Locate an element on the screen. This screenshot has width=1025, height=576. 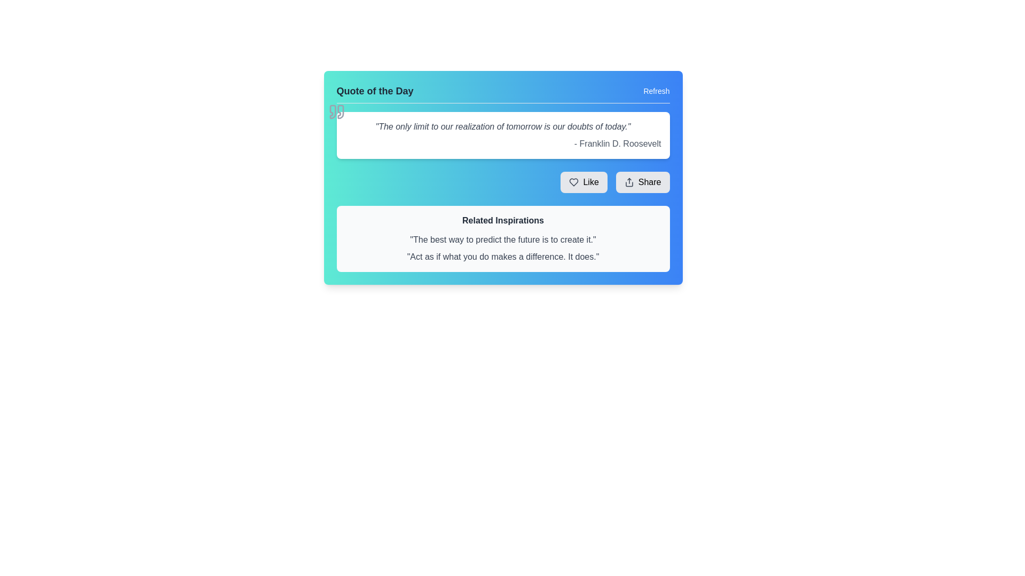
quotes displayed in the 'Related Inspirations' informative display box located near the bottom of the card, below the 'Like' and 'Share' buttons is located at coordinates (502, 238).